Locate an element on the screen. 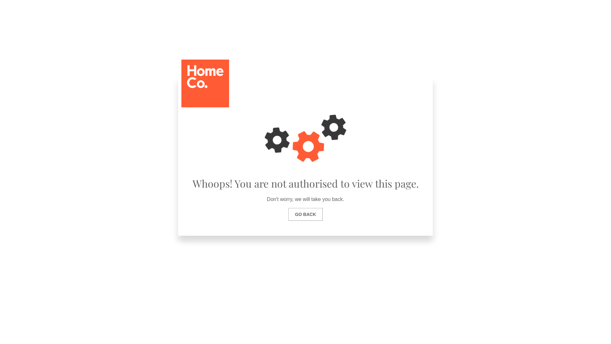 This screenshot has width=611, height=344. 'GO BACK' is located at coordinates (305, 214).